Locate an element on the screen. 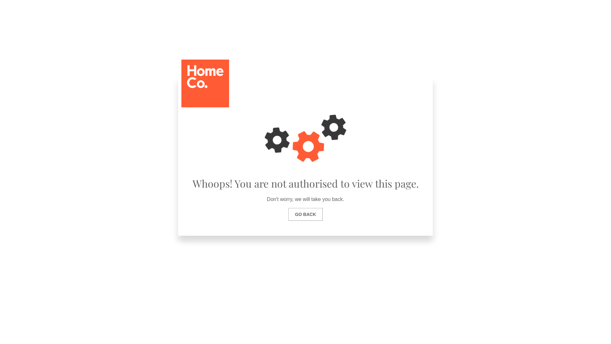 This screenshot has width=611, height=344. 'GO BACK' is located at coordinates (305, 214).